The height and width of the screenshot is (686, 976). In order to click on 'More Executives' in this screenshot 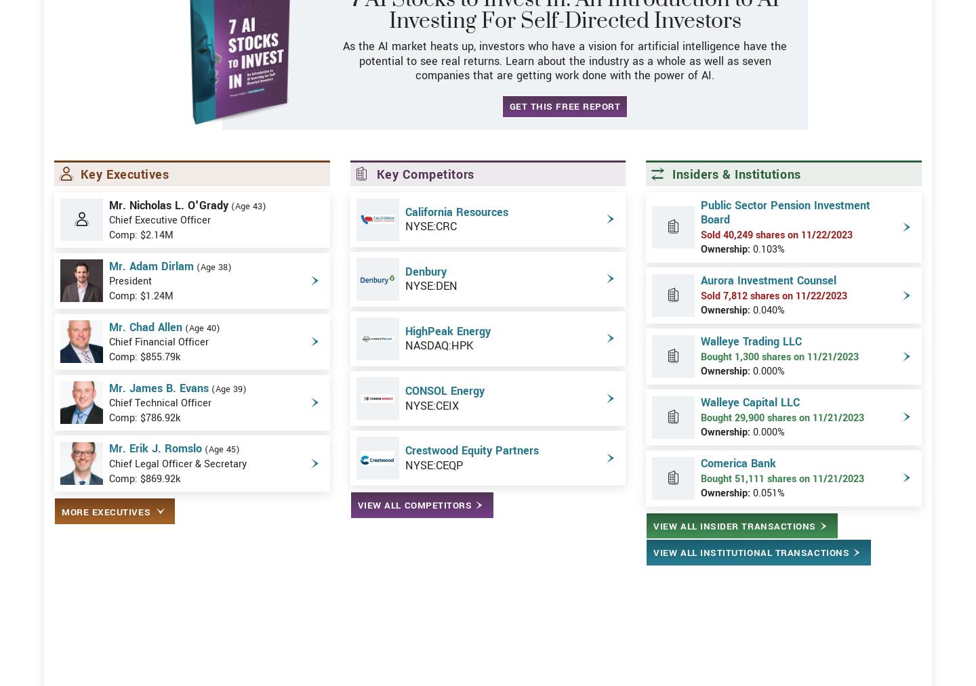, I will do `click(62, 559)`.